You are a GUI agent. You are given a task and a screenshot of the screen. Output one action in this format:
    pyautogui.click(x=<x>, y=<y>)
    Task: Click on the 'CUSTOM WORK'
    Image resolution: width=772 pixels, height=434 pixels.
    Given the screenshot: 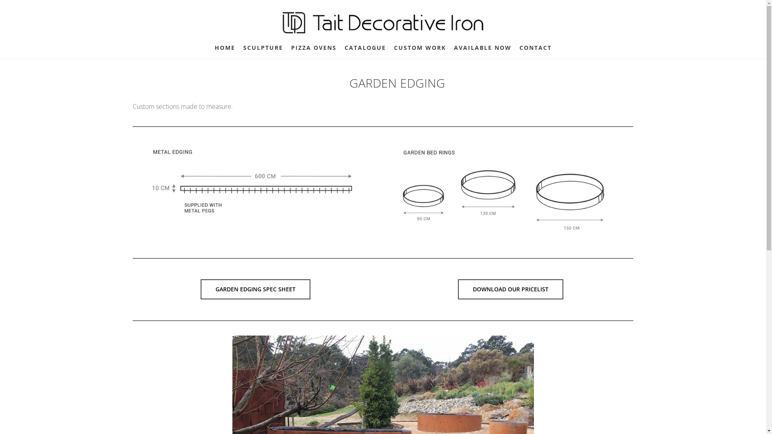 What is the action you would take?
    pyautogui.click(x=419, y=48)
    